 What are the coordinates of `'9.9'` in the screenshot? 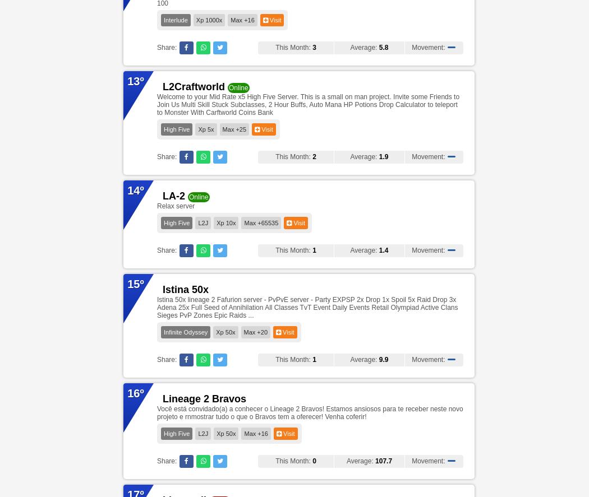 It's located at (383, 359).